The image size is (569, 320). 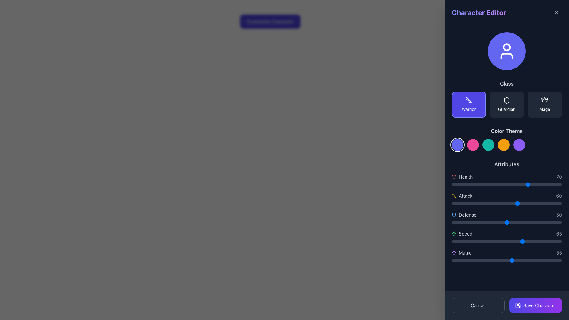 What do you see at coordinates (502, 223) in the screenshot?
I see `the defense attribute` at bounding box center [502, 223].